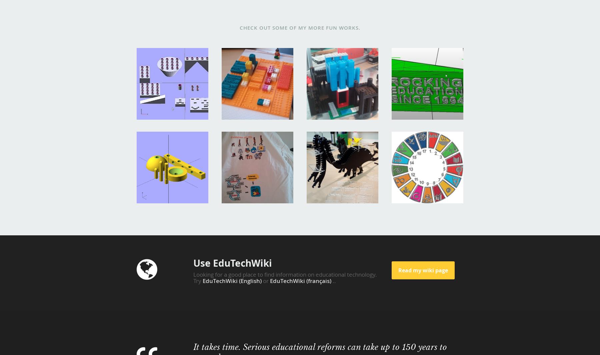  What do you see at coordinates (164, 57) in the screenshot?
I see `'Doblo/lugo factory'` at bounding box center [164, 57].